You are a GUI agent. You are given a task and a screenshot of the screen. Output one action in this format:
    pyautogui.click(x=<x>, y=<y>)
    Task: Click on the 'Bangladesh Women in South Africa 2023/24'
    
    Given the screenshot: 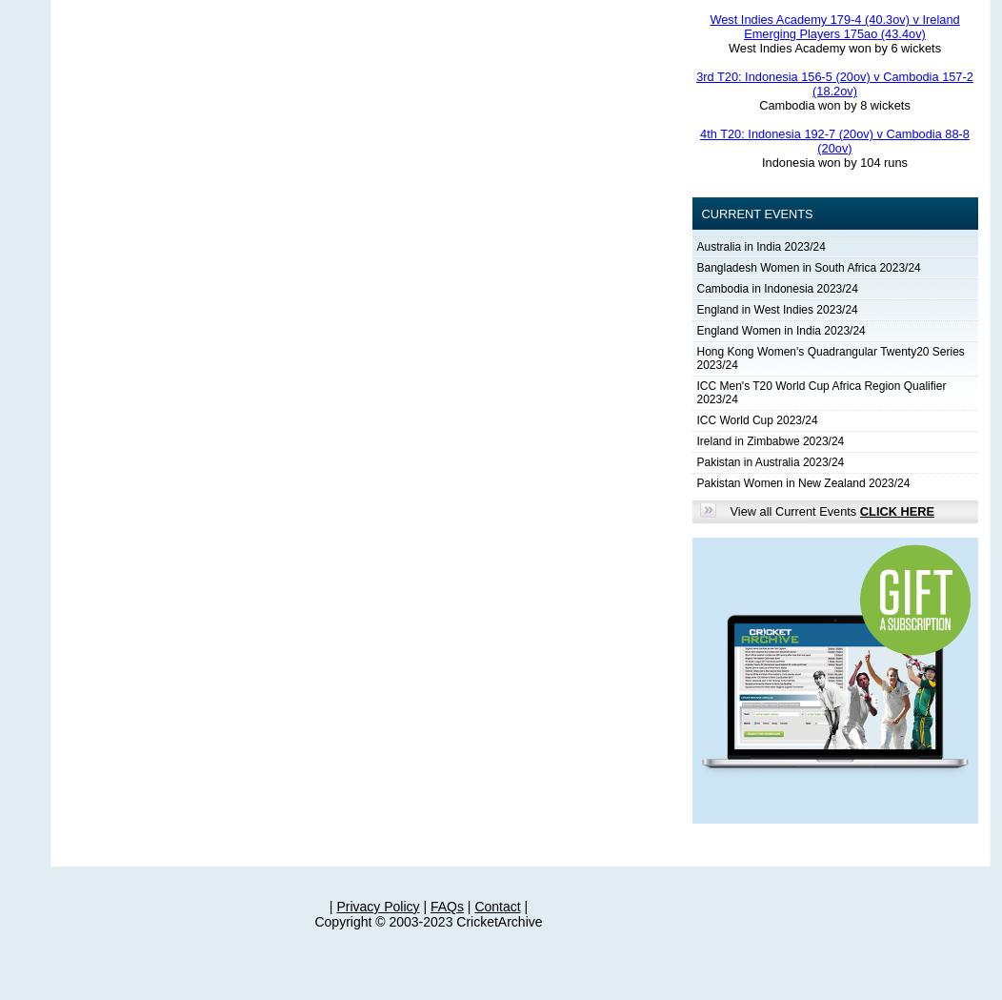 What is the action you would take?
    pyautogui.click(x=807, y=267)
    